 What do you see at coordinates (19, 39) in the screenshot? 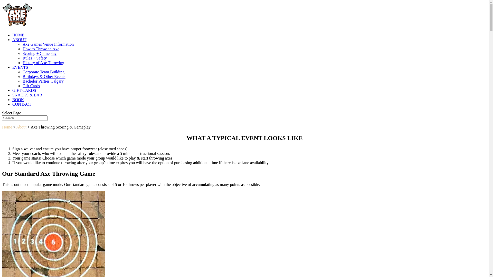
I see `'ABOUT'` at bounding box center [19, 39].